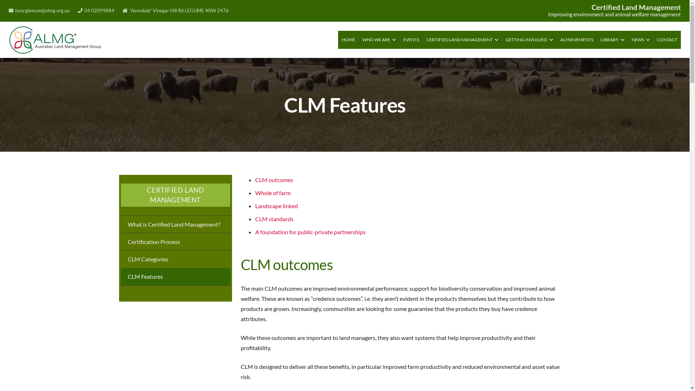 The height and width of the screenshot is (391, 695). Describe the element at coordinates (255, 232) in the screenshot. I see `'A foundation for public-private partnerships'` at that location.